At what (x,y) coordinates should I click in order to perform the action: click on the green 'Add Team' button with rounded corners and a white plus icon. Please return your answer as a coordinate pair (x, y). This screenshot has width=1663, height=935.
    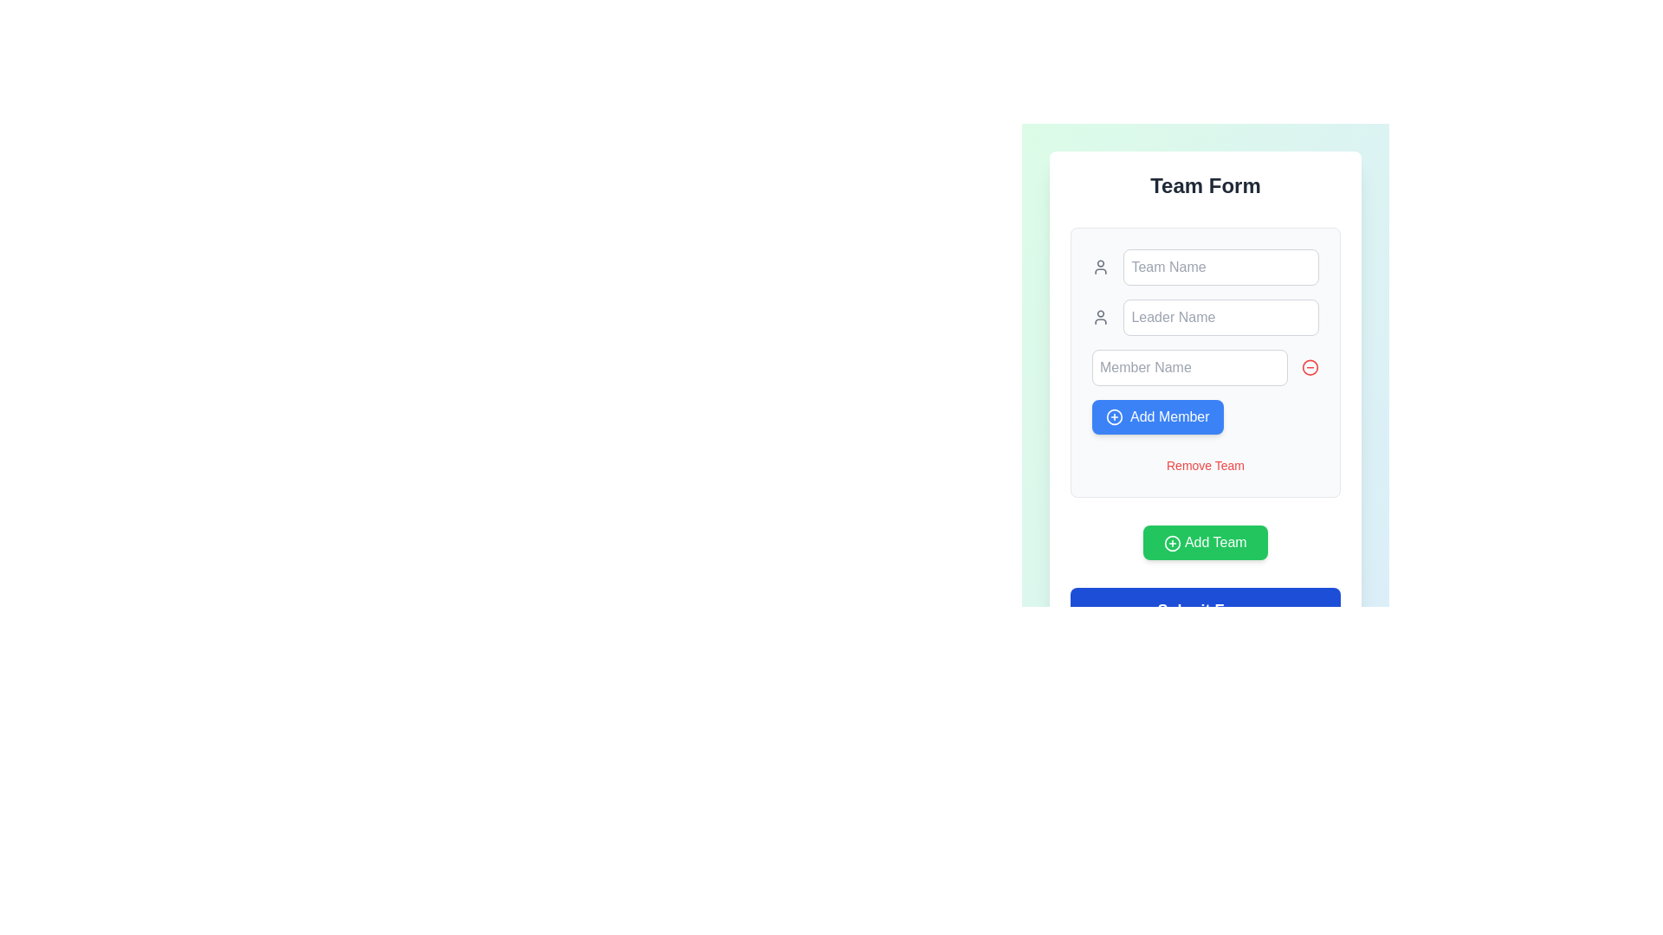
    Looking at the image, I should click on (1205, 542).